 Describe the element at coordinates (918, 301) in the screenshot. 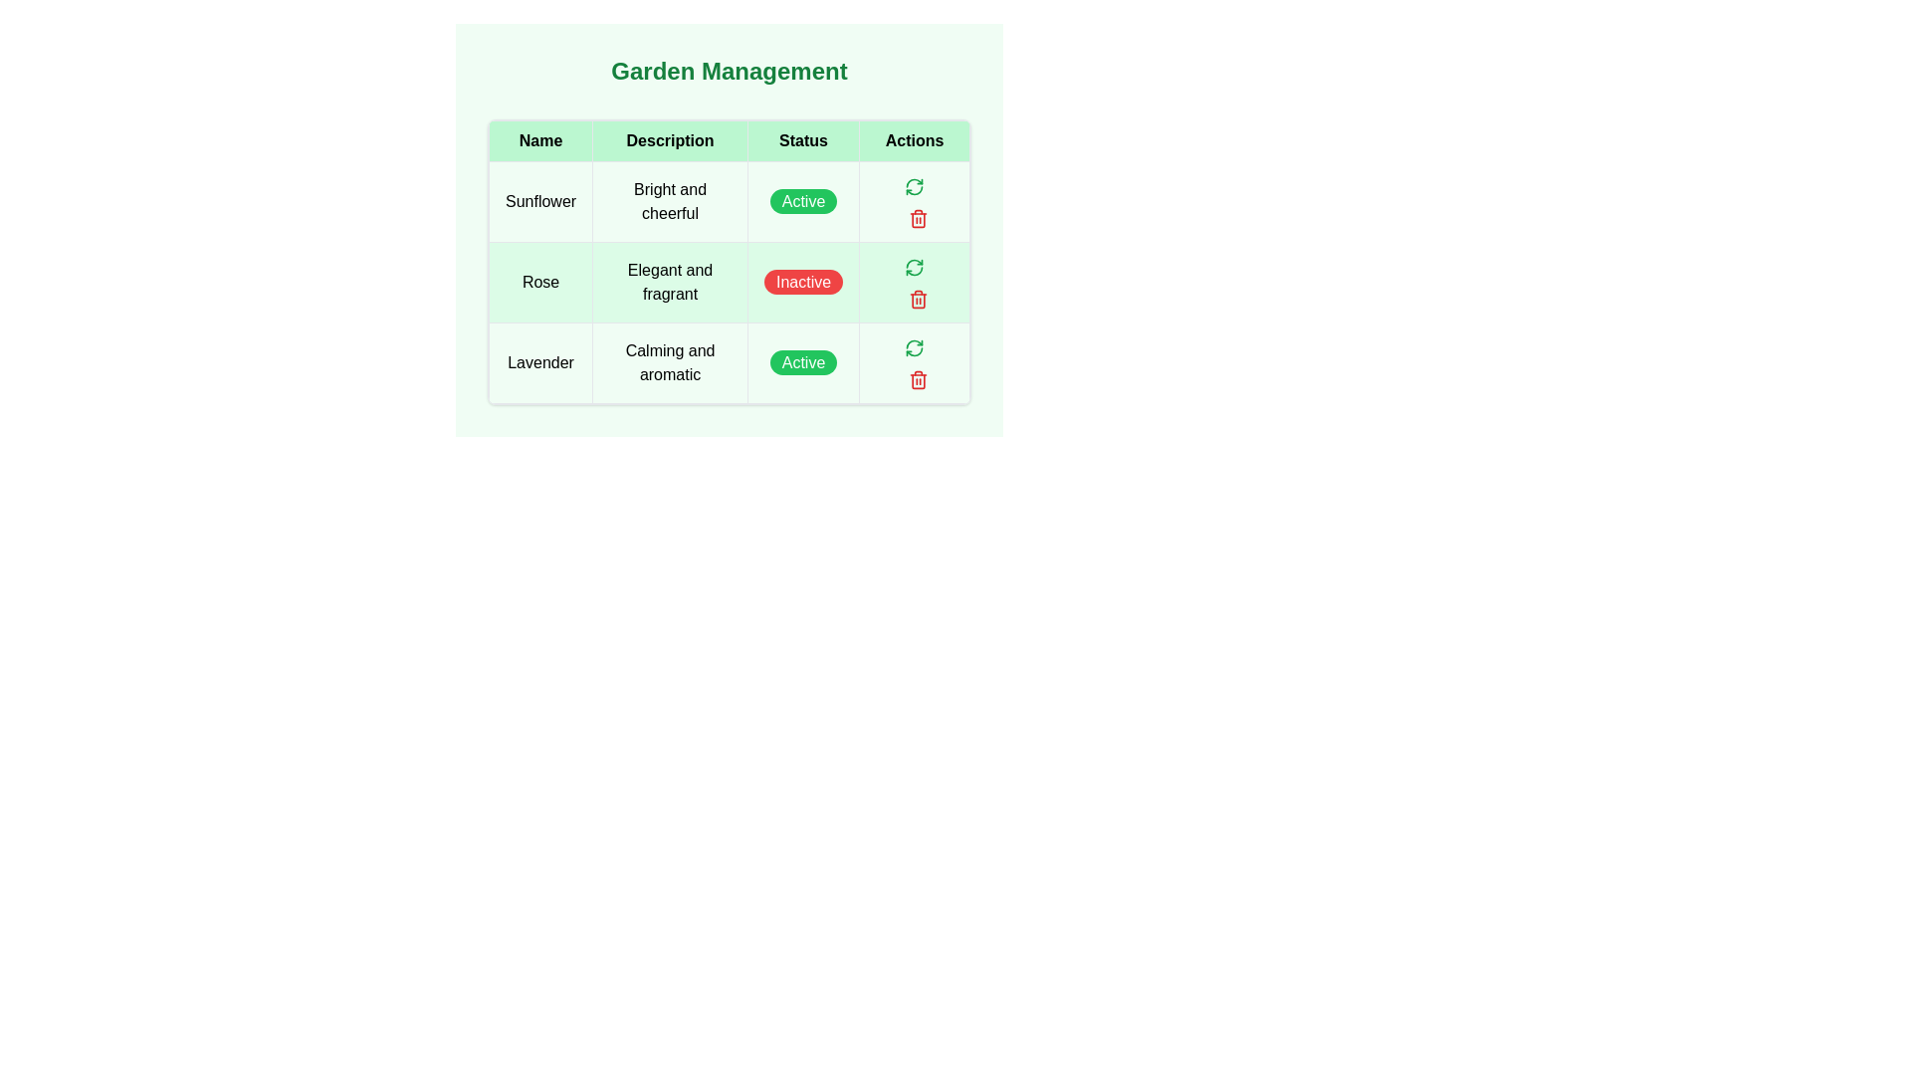

I see `the trash can icon representing the delete action for the entry 'Rose' located in the 'Actions' column of the second row of the table` at that location.